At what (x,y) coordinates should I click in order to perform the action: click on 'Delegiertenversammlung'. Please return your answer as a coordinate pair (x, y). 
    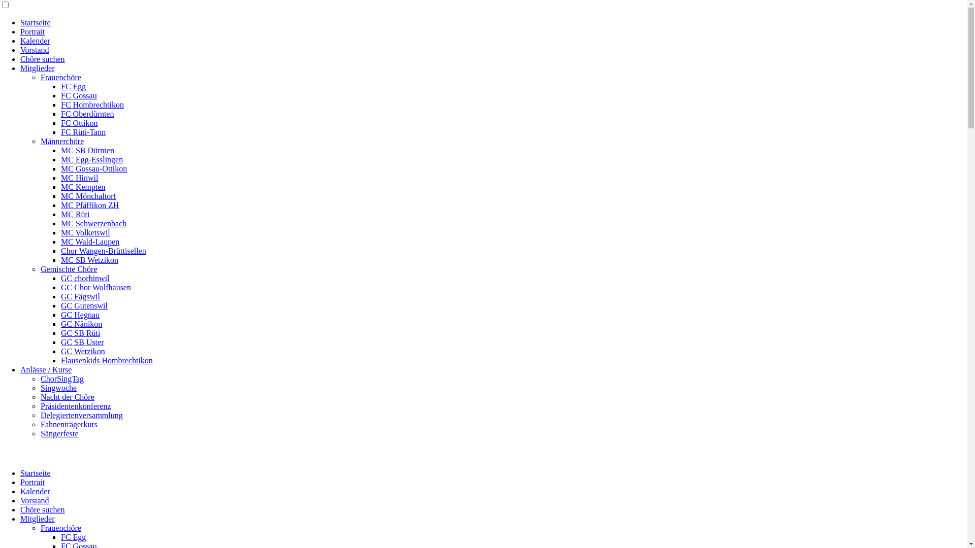
    Looking at the image, I should click on (41, 415).